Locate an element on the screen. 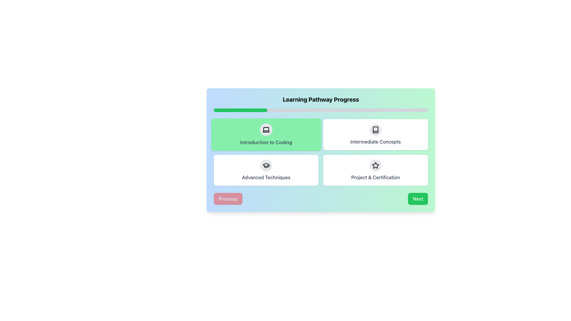  progress is located at coordinates (365, 110).